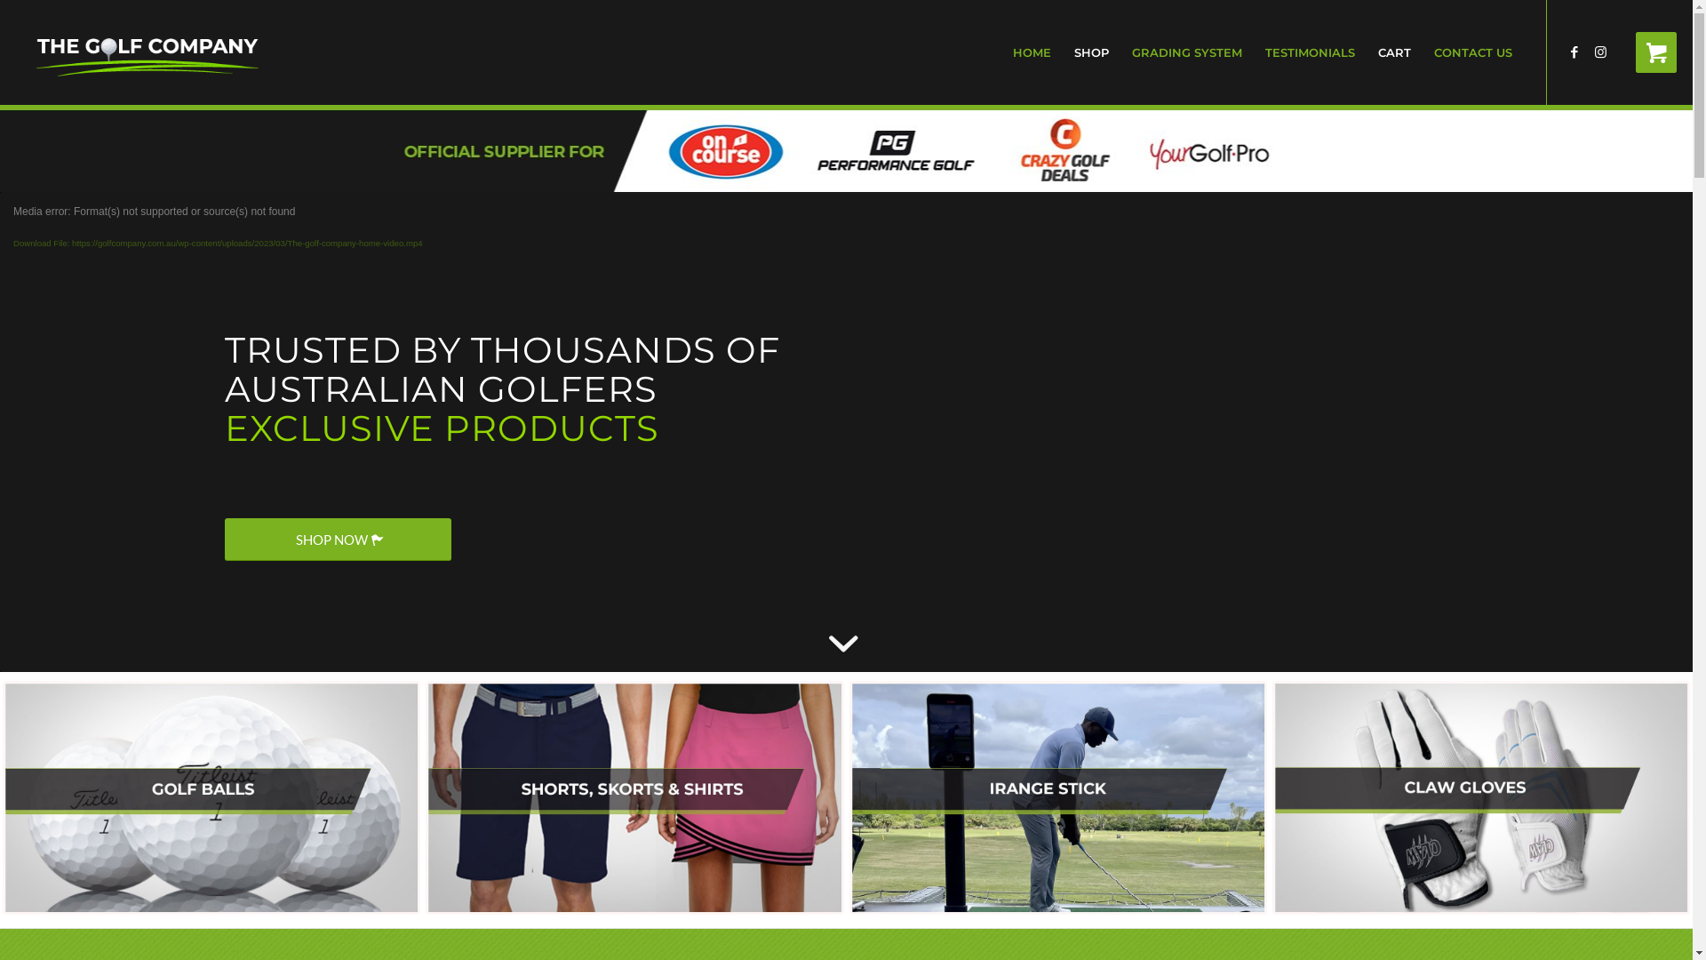 This screenshot has width=1706, height=960. Describe the element at coordinates (337, 538) in the screenshot. I see `'SHOP NOW'` at that location.